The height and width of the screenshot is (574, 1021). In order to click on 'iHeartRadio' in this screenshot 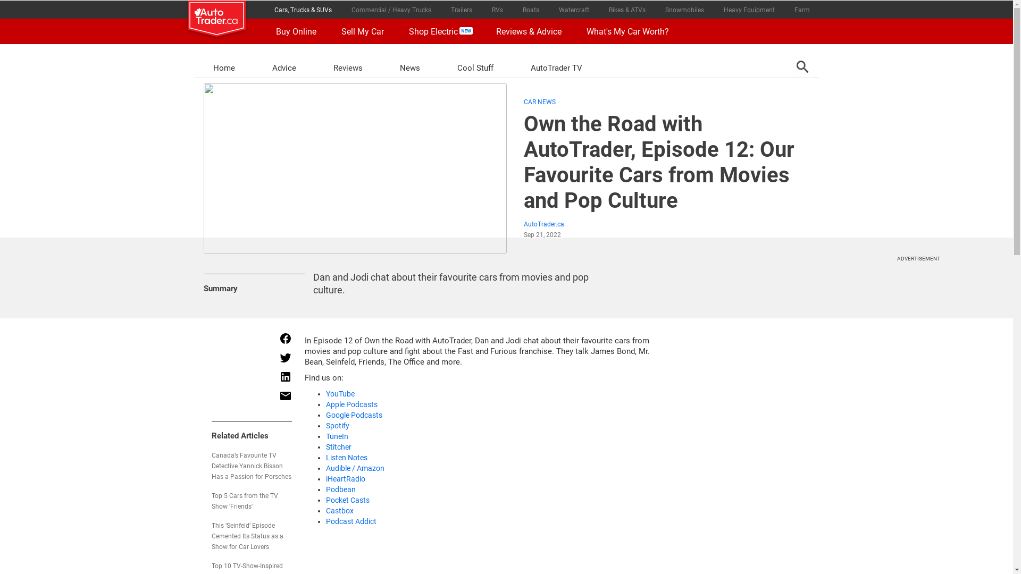, I will do `click(345, 479)`.